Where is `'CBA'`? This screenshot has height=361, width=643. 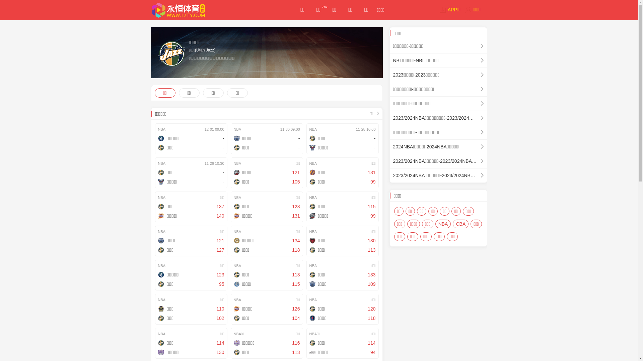
'CBA' is located at coordinates (453, 224).